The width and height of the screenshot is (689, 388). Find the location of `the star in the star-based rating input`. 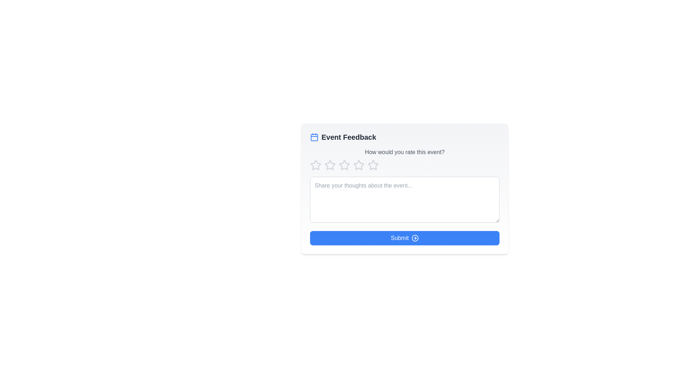

the star in the star-based rating input is located at coordinates (405, 165).